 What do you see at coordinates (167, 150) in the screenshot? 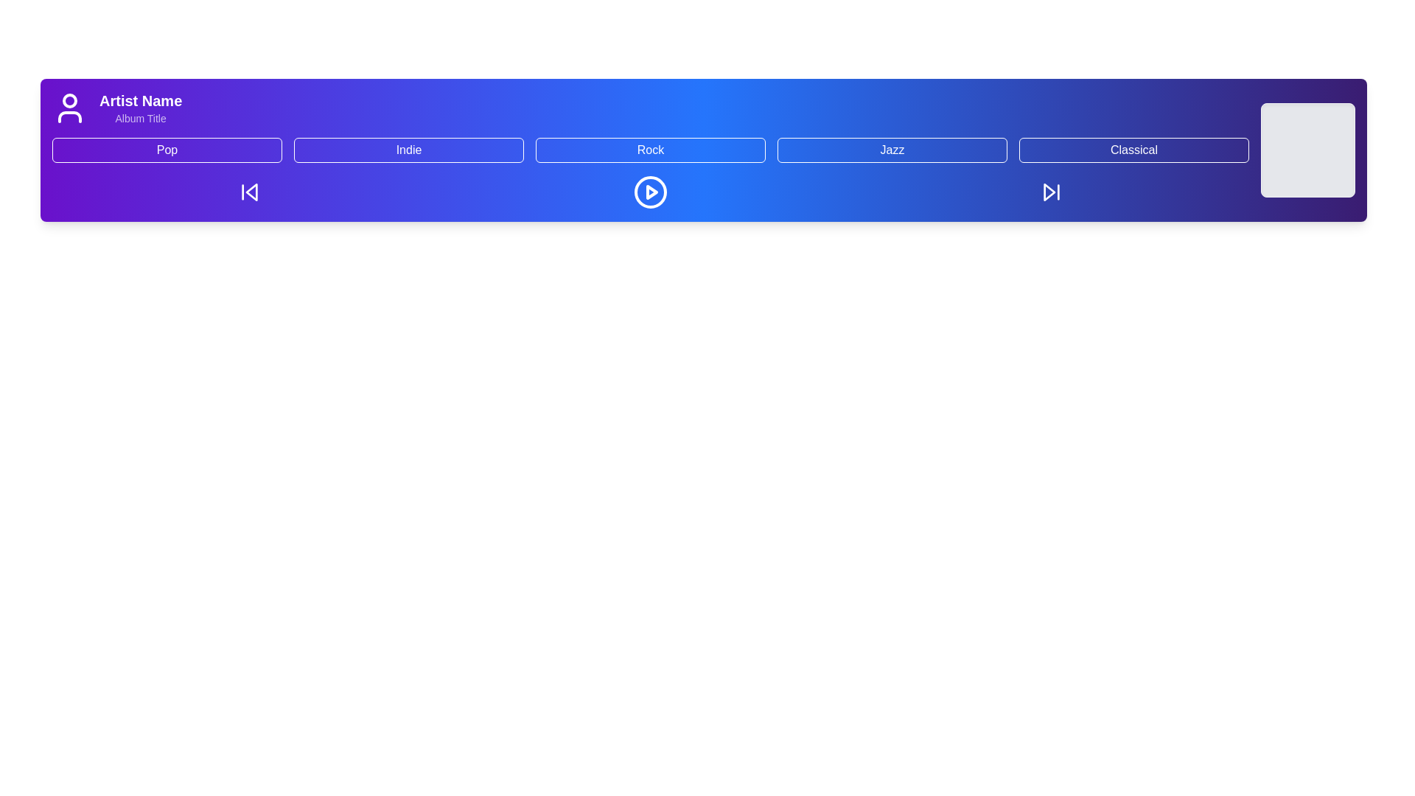
I see `the 'Pop' button, which is a rectangular button with rounded corners, located to the far-left of a horizontal row of five buttons under the artist's name and album title` at bounding box center [167, 150].